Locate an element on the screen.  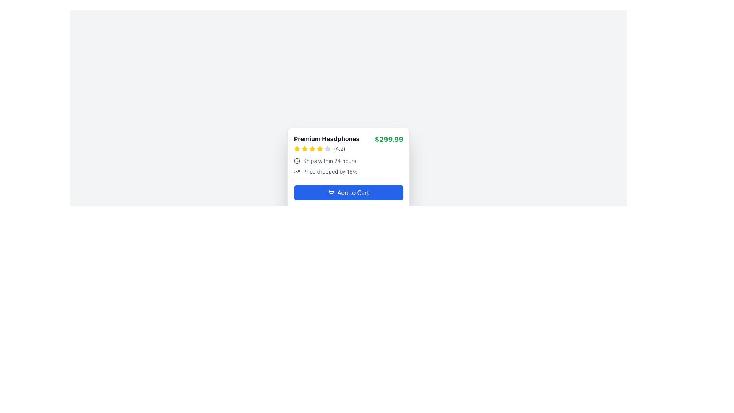
the visual stars in the Product information header to check the rating is located at coordinates (348, 143).